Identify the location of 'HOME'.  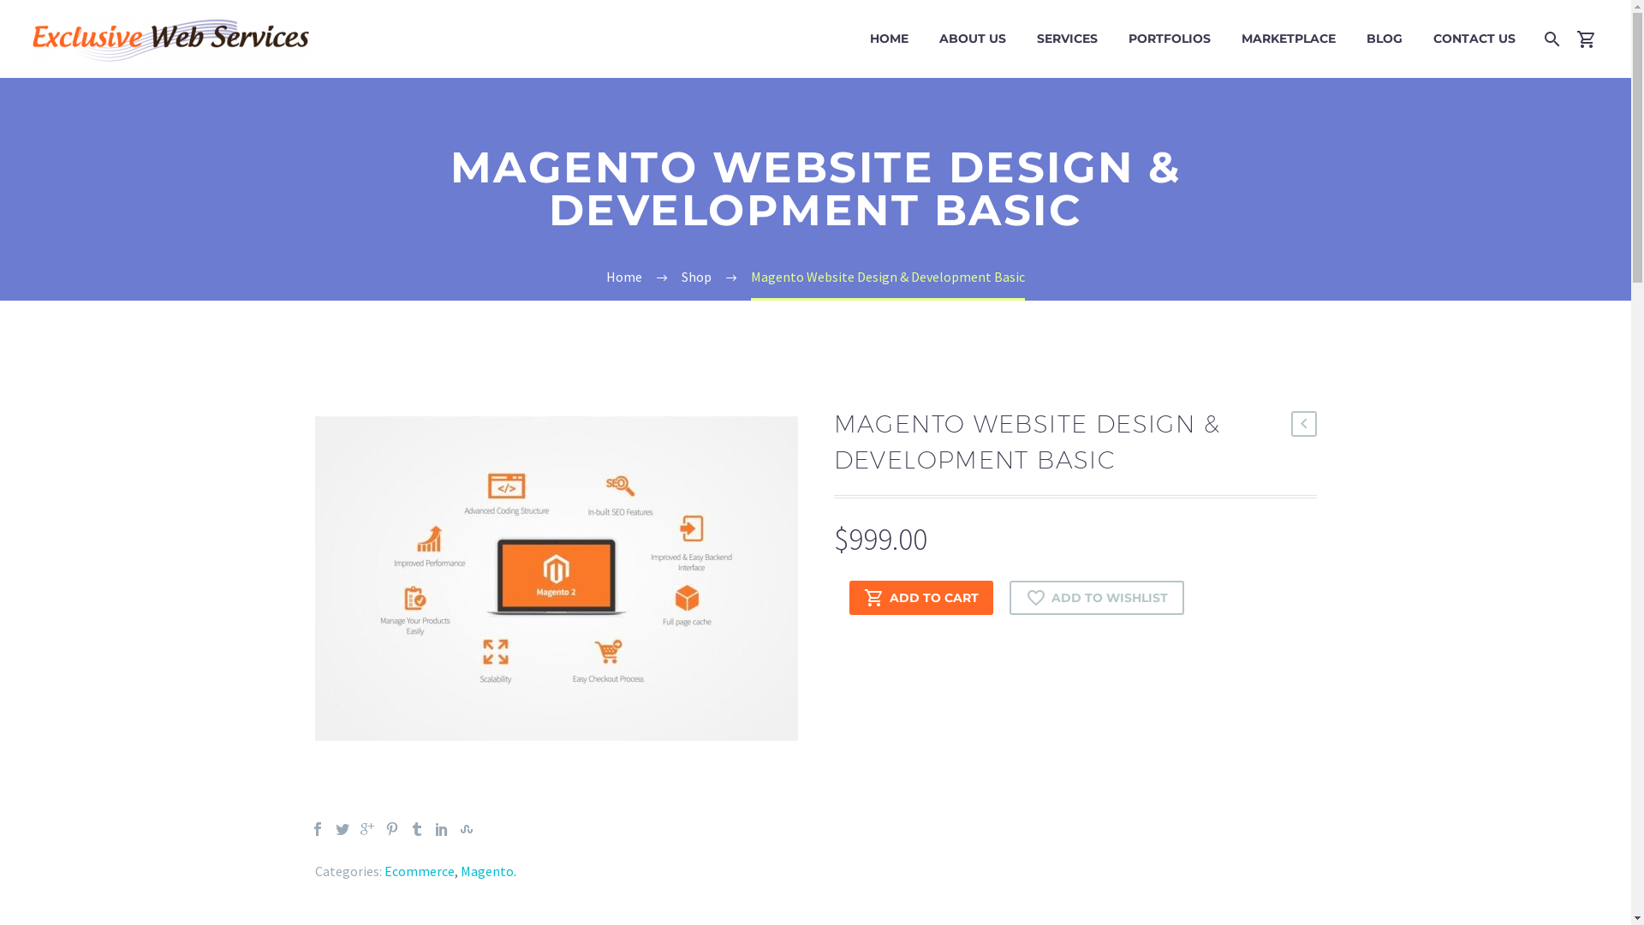
(889, 39).